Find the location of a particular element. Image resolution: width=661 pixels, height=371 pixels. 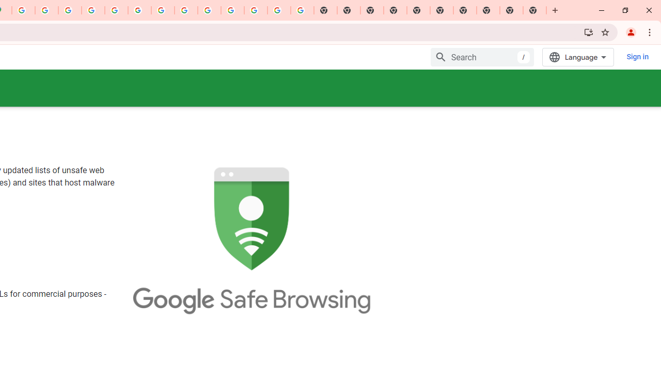

'Privacy Help Center - Policies Help' is located at coordinates (93, 10).